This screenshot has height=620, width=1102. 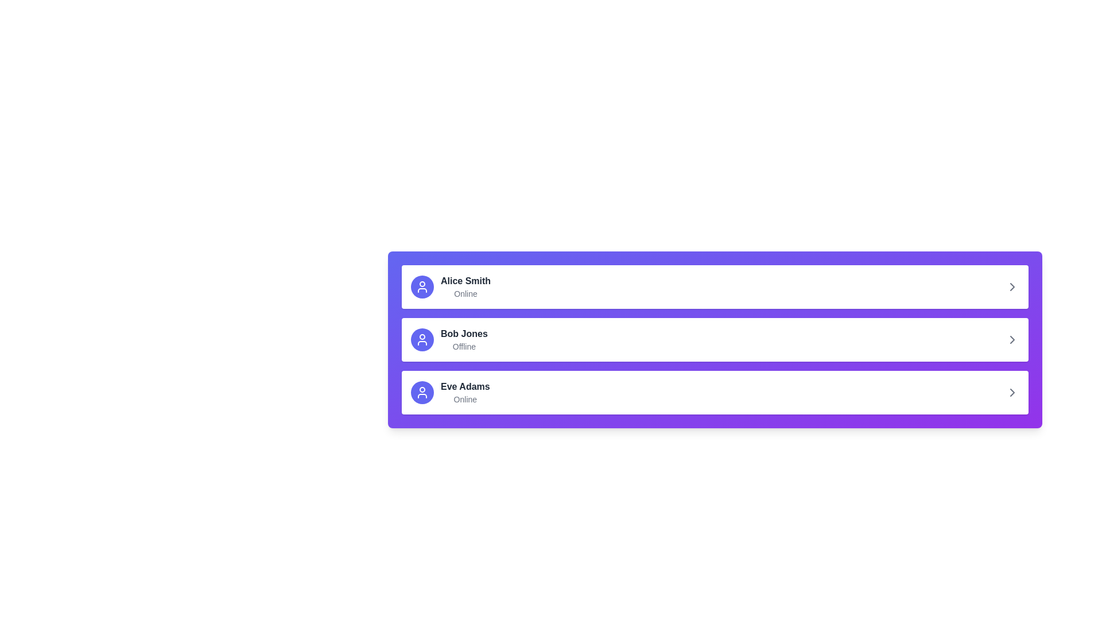 I want to click on the chevron arrow icon located next to the 'Bob Jones' list entry, so click(x=1012, y=339).